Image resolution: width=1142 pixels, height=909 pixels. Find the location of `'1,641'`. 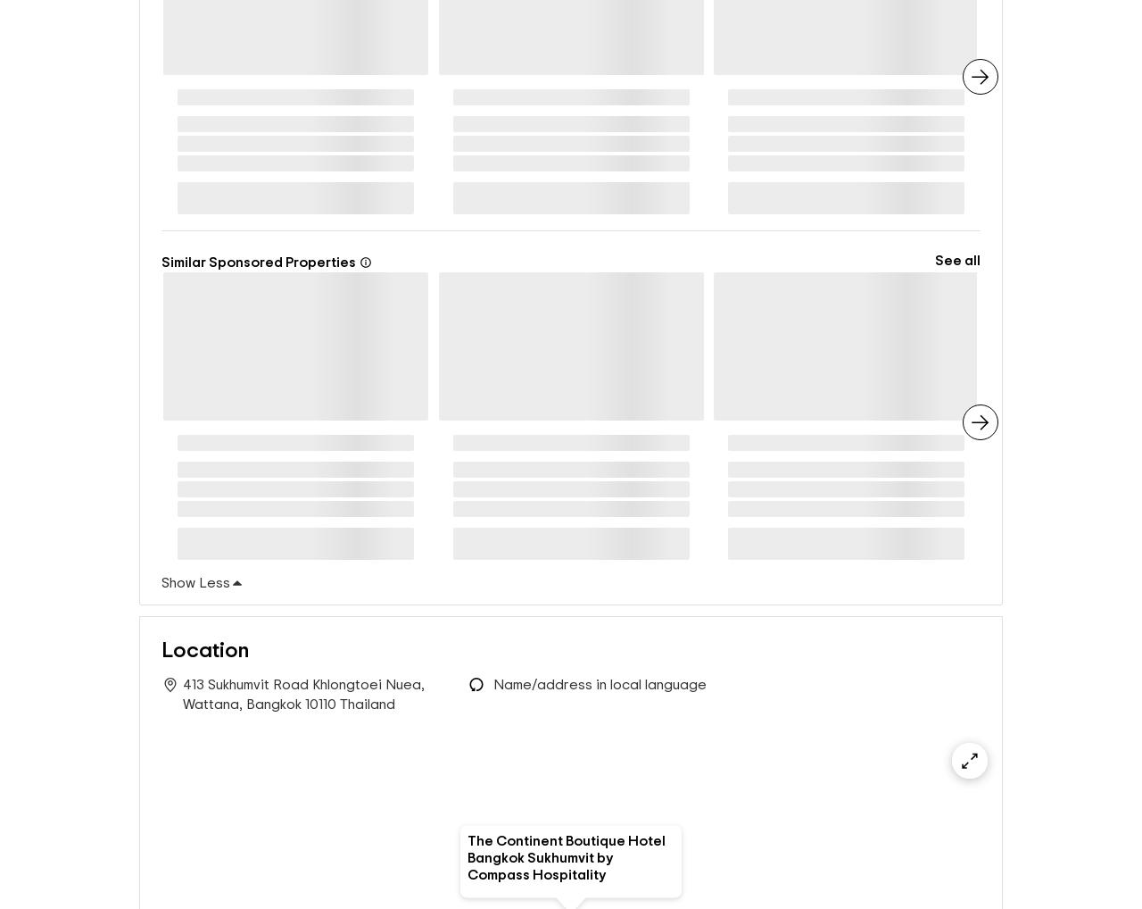

'1,641' is located at coordinates (276, 99).